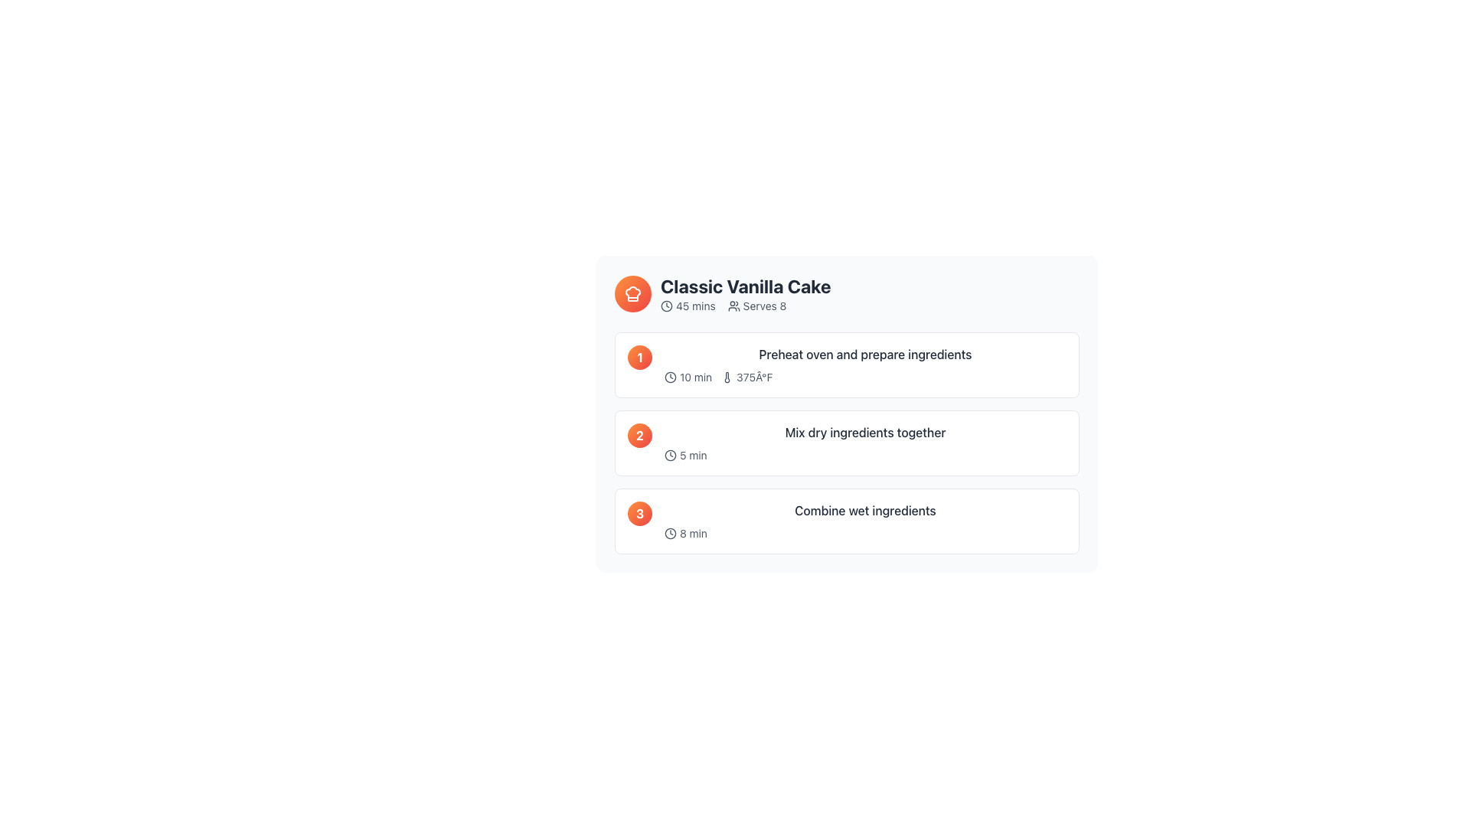 The width and height of the screenshot is (1470, 827). What do you see at coordinates (865, 365) in the screenshot?
I see `the informational text block displaying cooking instruction step 1, which includes duration and temperature requirements` at bounding box center [865, 365].